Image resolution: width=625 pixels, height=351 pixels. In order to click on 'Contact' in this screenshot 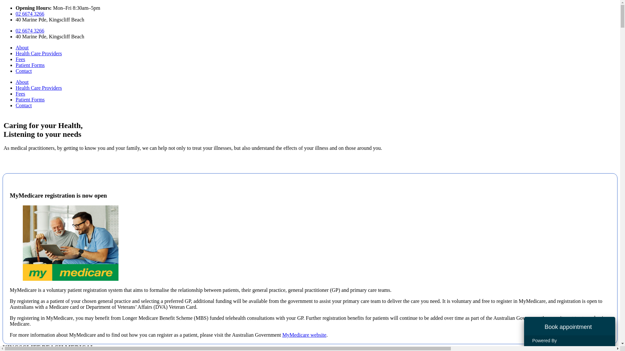, I will do `click(16, 105)`.